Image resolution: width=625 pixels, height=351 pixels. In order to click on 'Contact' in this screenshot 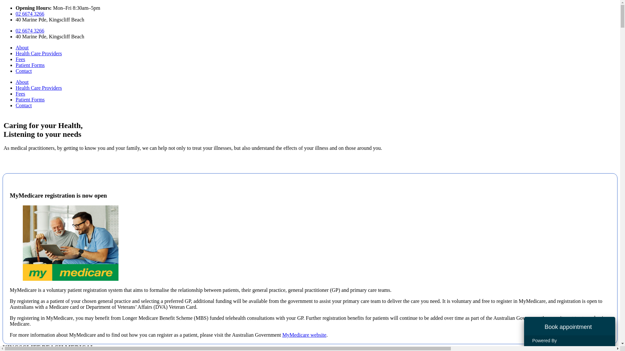, I will do `click(16, 105)`.